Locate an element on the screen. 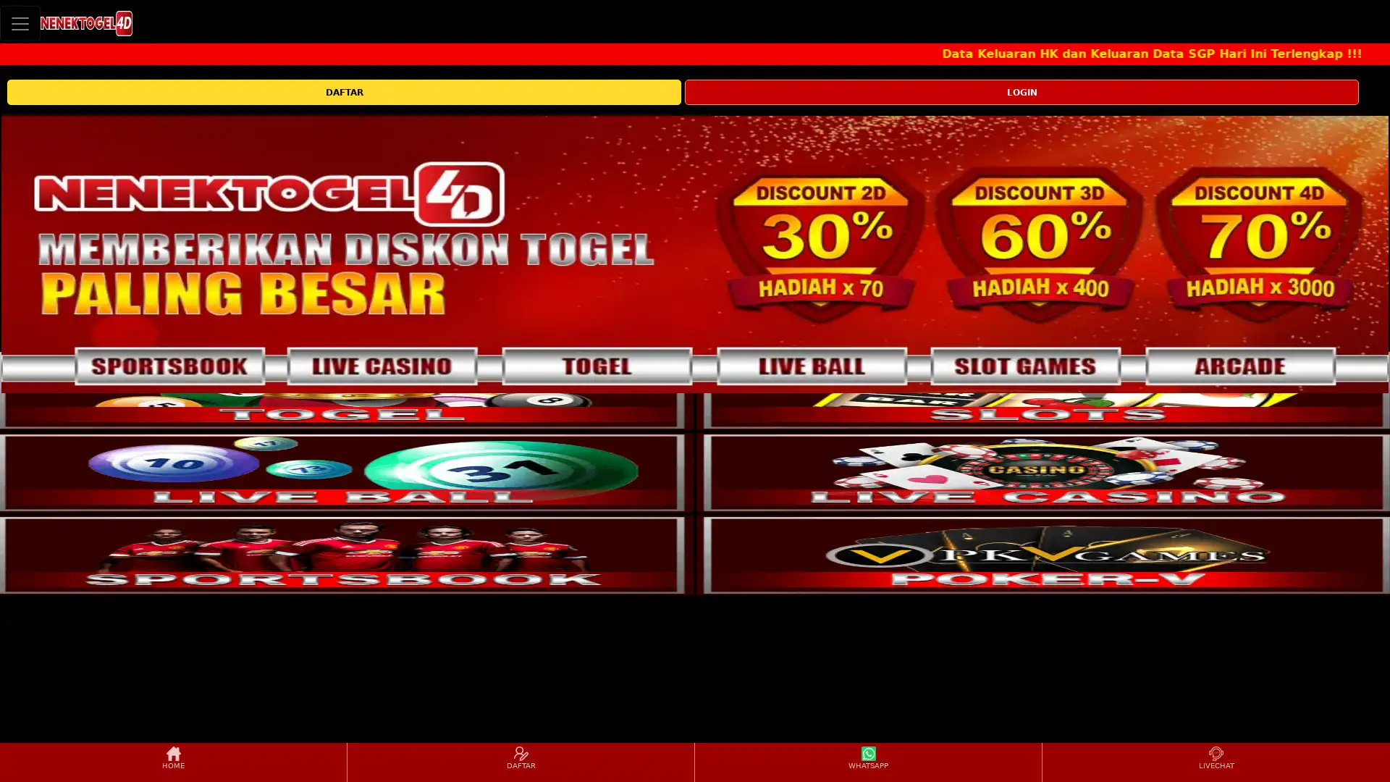 The width and height of the screenshot is (1390, 782). DAFTAR is located at coordinates (343, 92).